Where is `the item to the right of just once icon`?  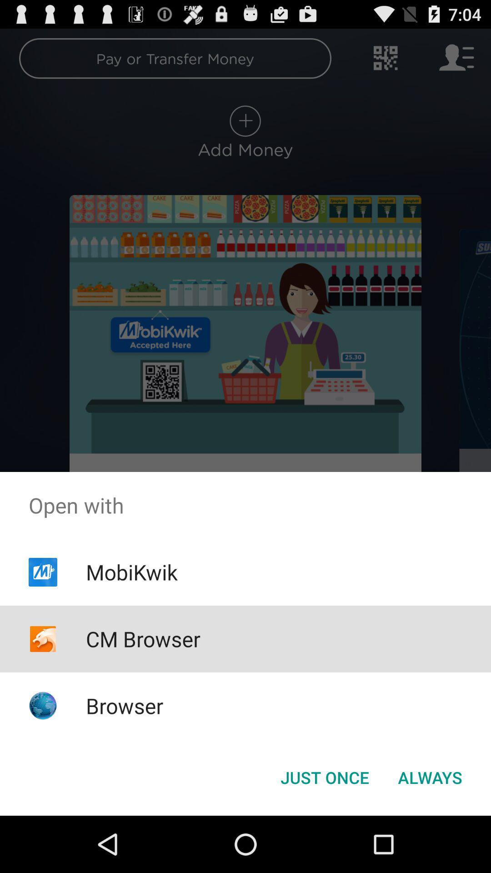 the item to the right of just once icon is located at coordinates (430, 777).